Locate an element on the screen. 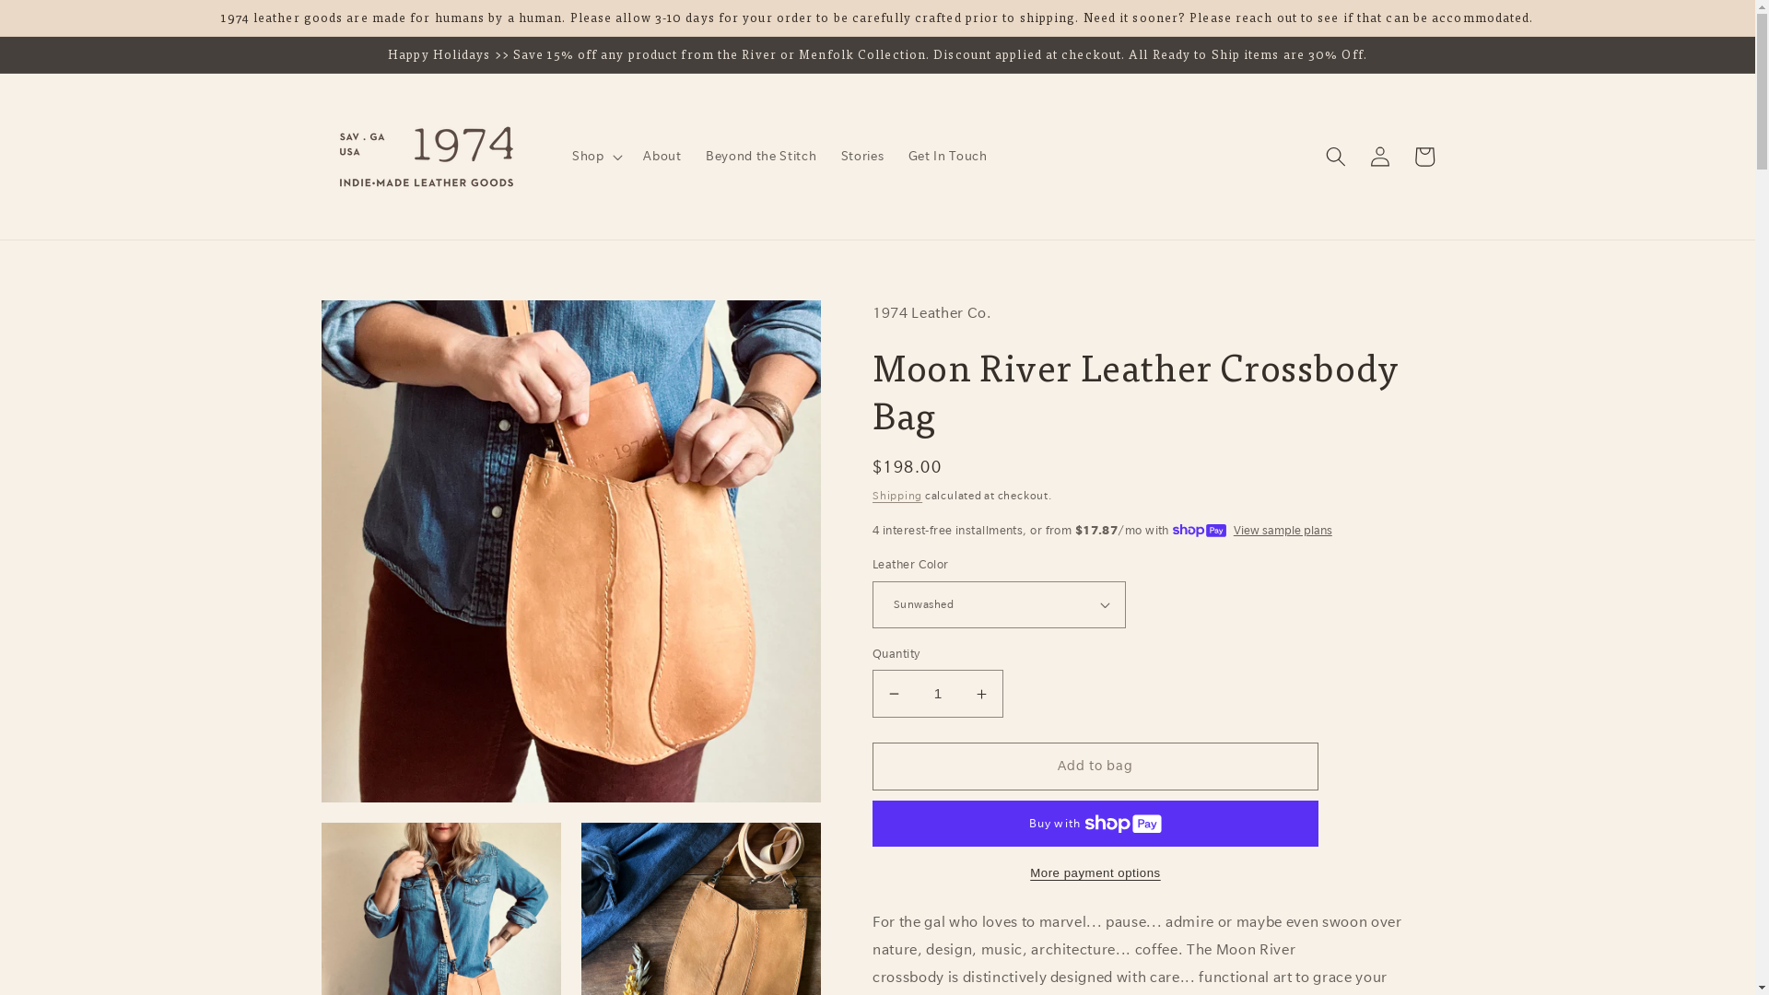 This screenshot has height=995, width=1769. 'Beyond the Stitch' is located at coordinates (761, 155).